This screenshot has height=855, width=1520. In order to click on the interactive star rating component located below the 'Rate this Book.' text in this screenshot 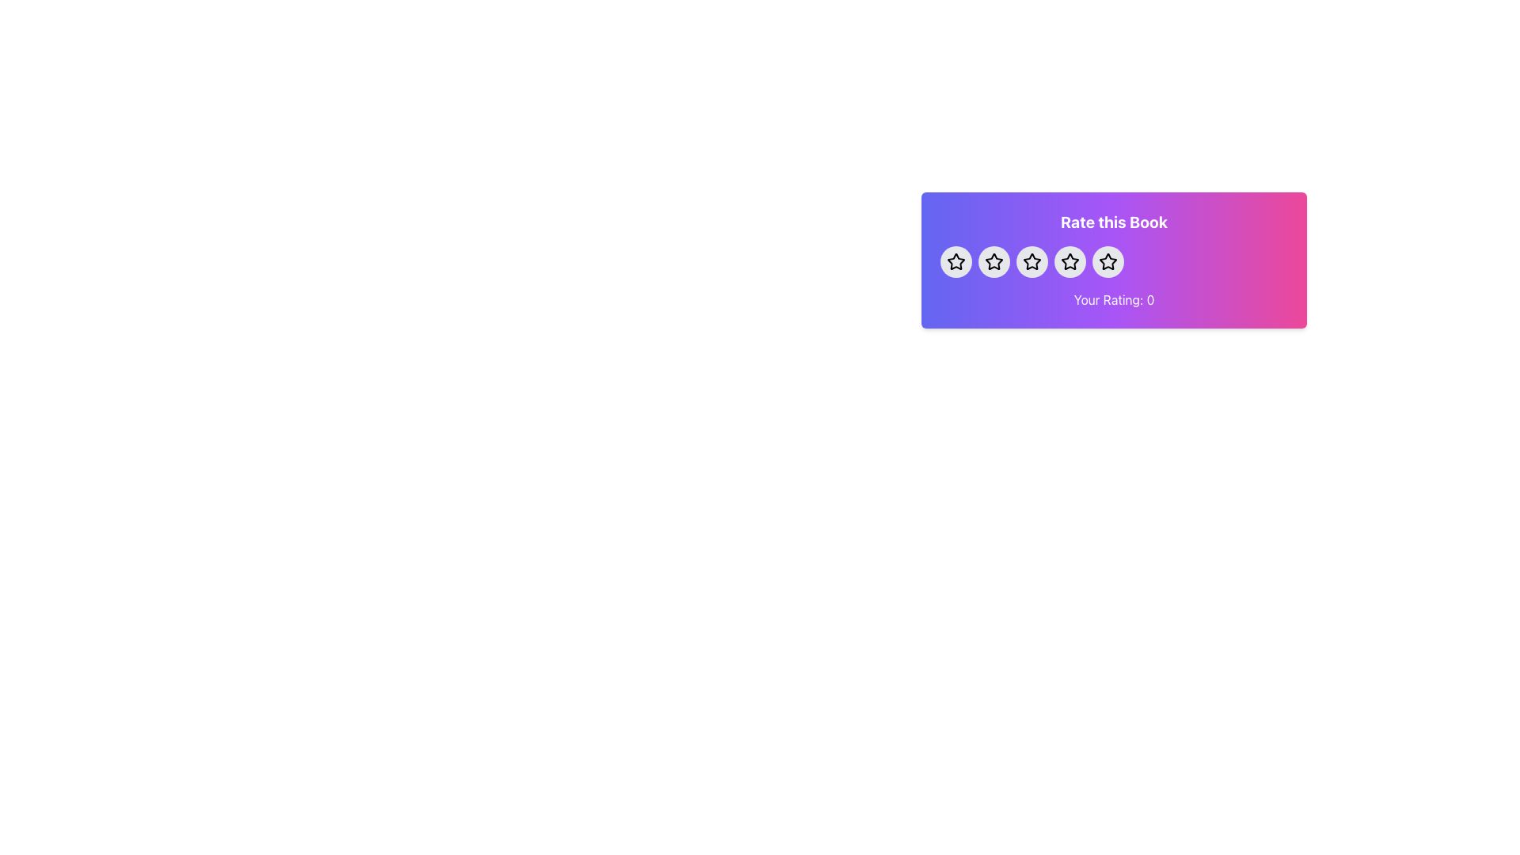, I will do `click(1113, 261)`.